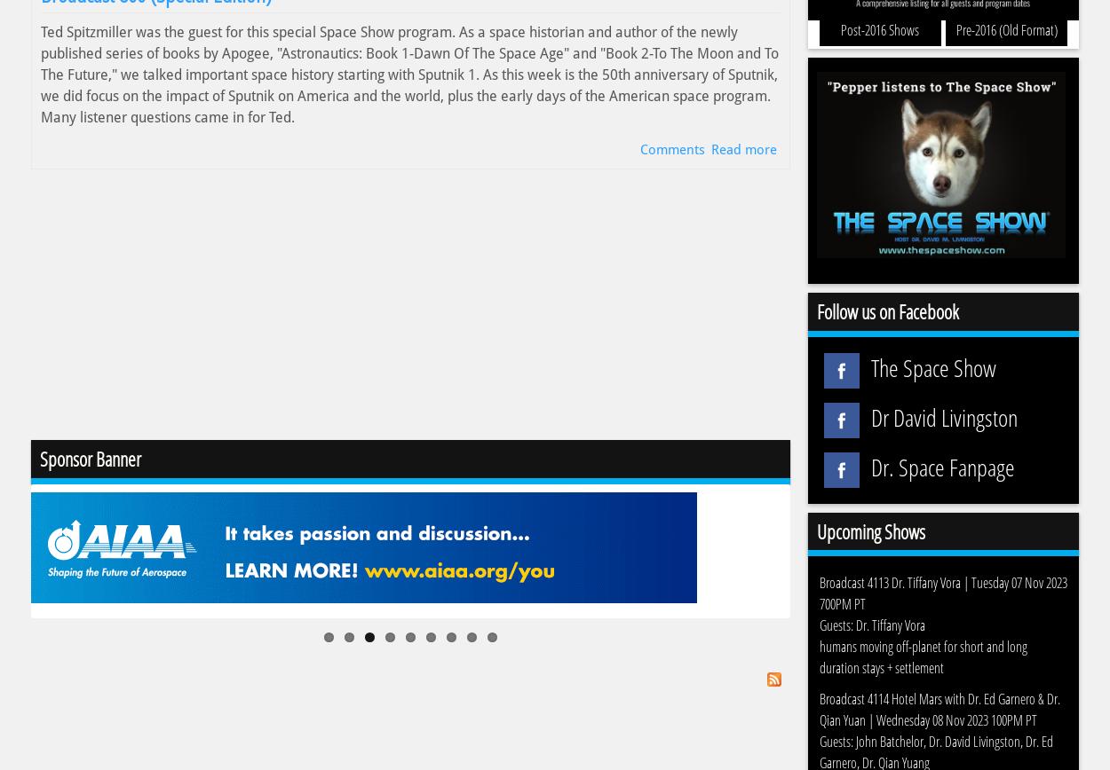  What do you see at coordinates (1006, 28) in the screenshot?
I see `'Pre-2016 (Old Format)'` at bounding box center [1006, 28].